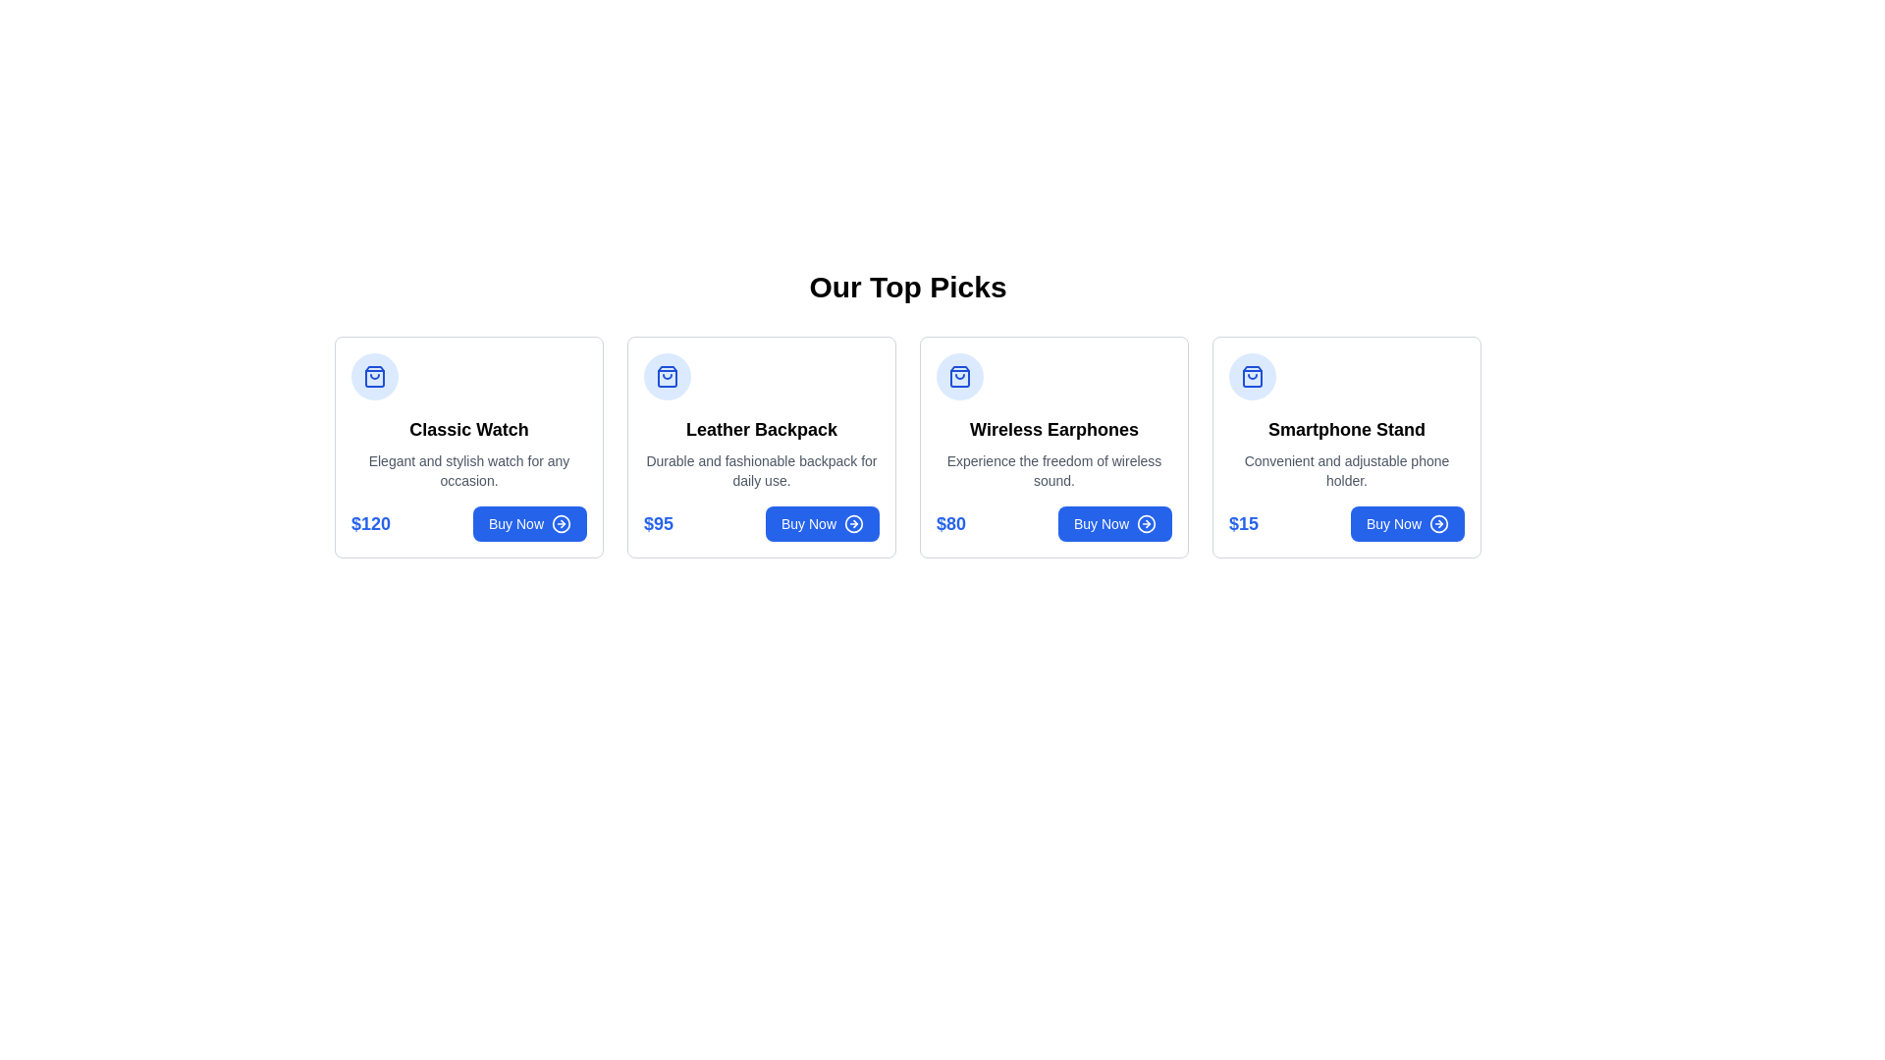 This screenshot has width=1885, height=1060. What do you see at coordinates (560, 522) in the screenshot?
I see `the rightward-pointing arrow icon contained within a circular border on the 'Buy Now' button of the 'Wireless Earphones' product` at bounding box center [560, 522].